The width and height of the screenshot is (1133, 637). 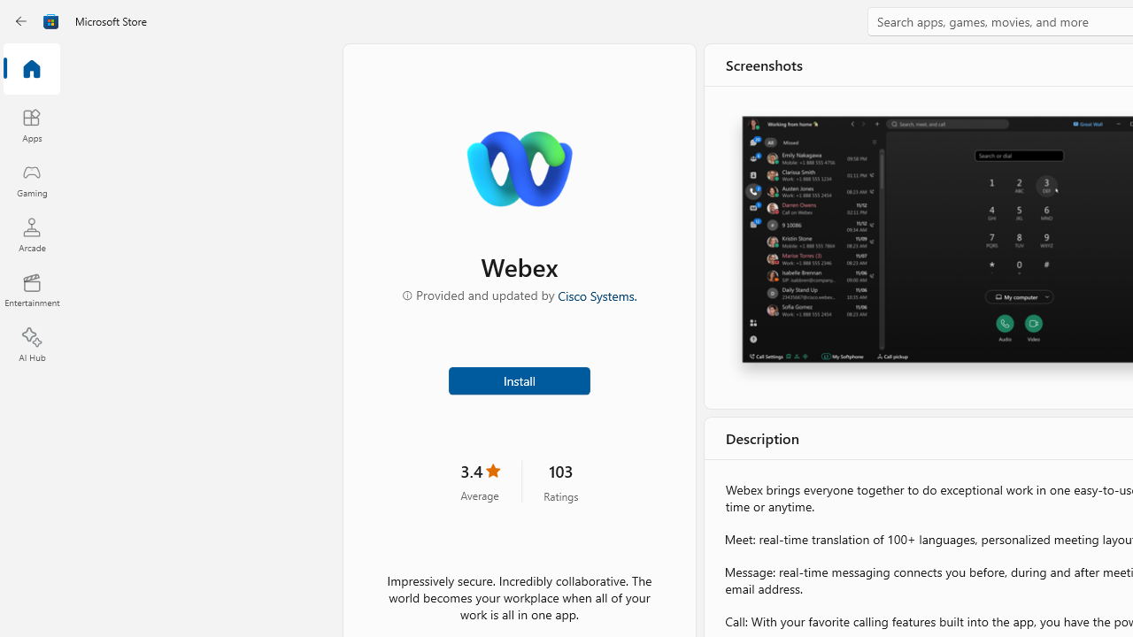 What do you see at coordinates (31, 345) in the screenshot?
I see `'AI Hub'` at bounding box center [31, 345].